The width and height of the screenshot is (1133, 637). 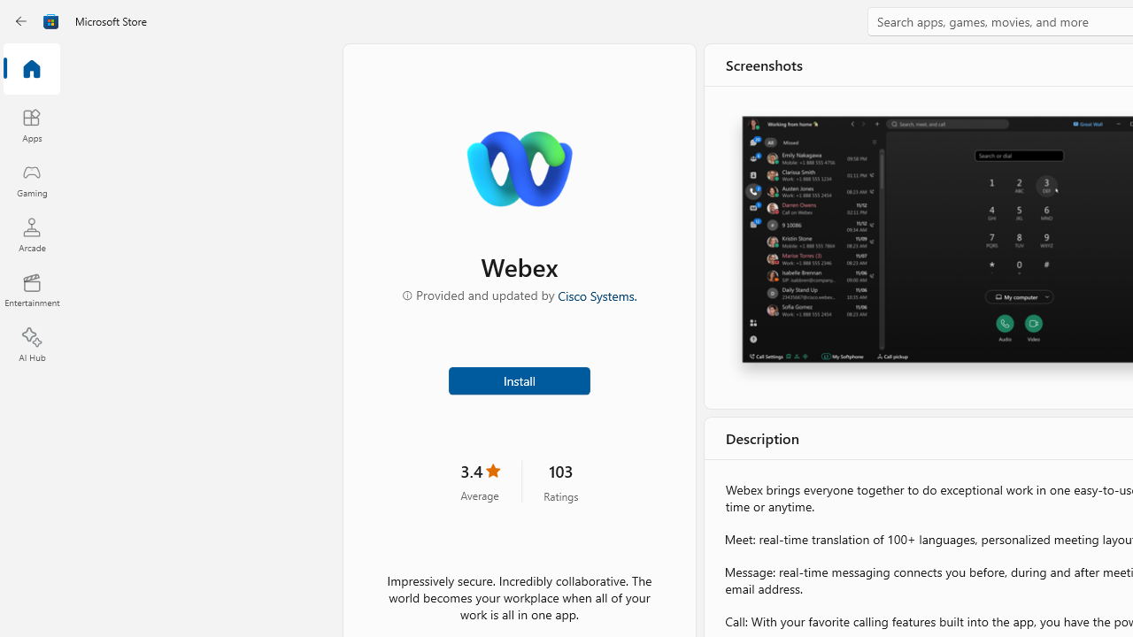 What do you see at coordinates (31, 345) in the screenshot?
I see `'AI Hub'` at bounding box center [31, 345].